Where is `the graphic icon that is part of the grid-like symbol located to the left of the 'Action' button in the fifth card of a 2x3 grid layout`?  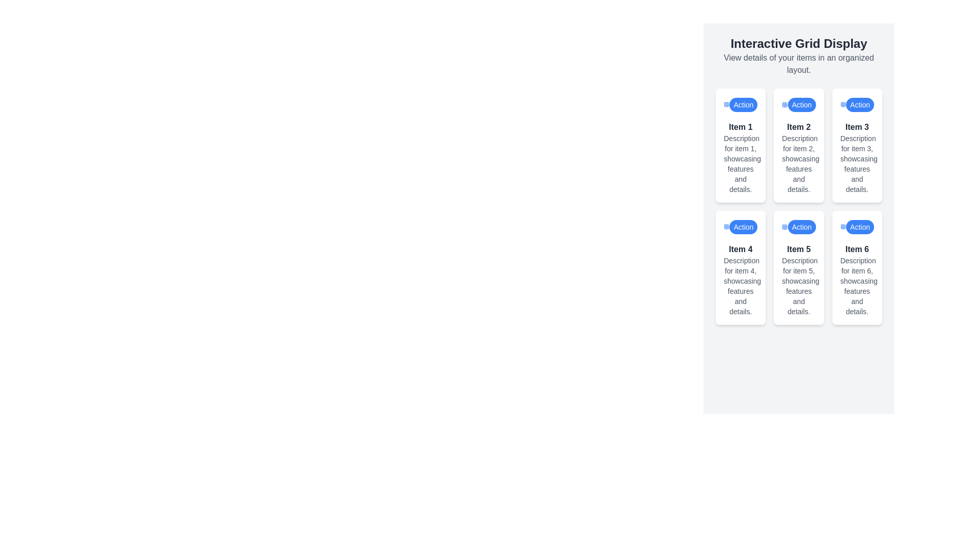
the graphic icon that is part of the grid-like symbol located to the left of the 'Action' button in the fifth card of a 2x3 grid layout is located at coordinates (784, 227).